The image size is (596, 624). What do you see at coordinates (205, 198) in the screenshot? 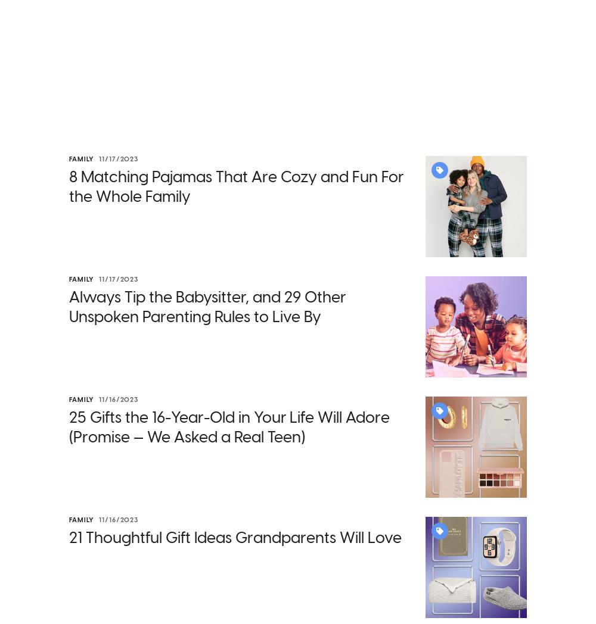
I see `'2. Increasing Funds to Childcare Operators'` at bounding box center [205, 198].